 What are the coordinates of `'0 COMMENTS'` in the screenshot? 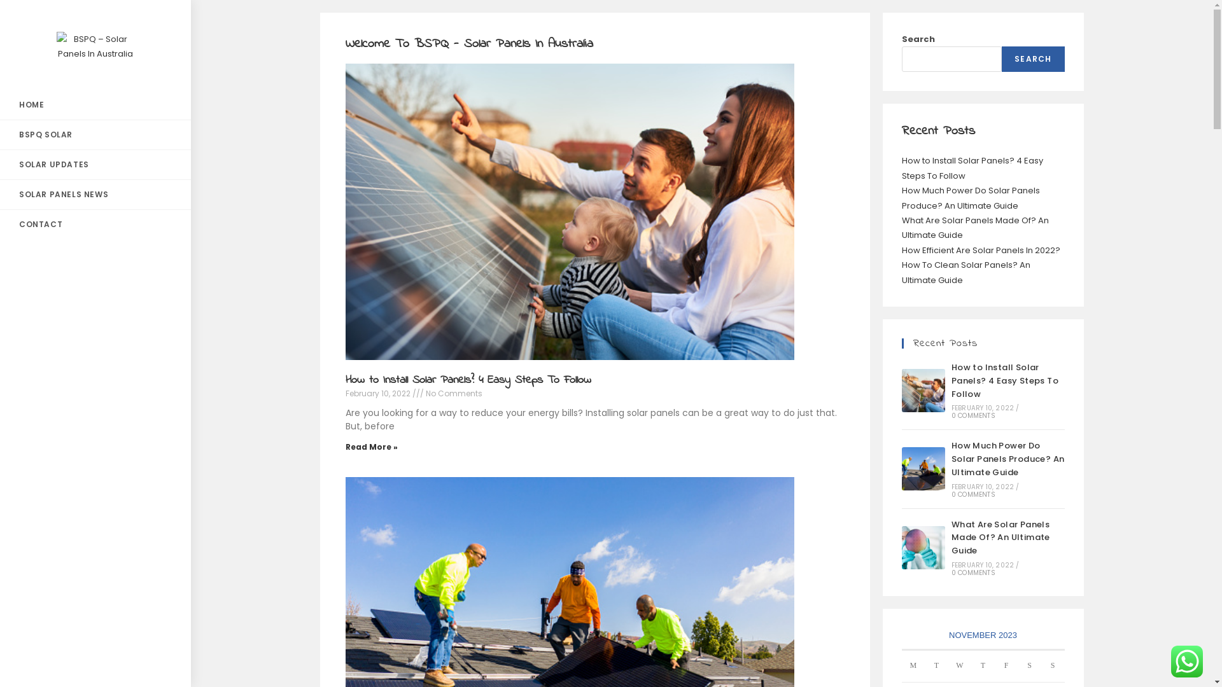 It's located at (973, 494).